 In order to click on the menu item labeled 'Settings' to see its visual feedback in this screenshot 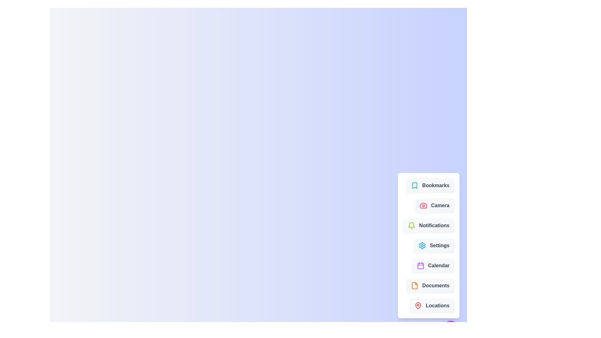, I will do `click(434, 245)`.